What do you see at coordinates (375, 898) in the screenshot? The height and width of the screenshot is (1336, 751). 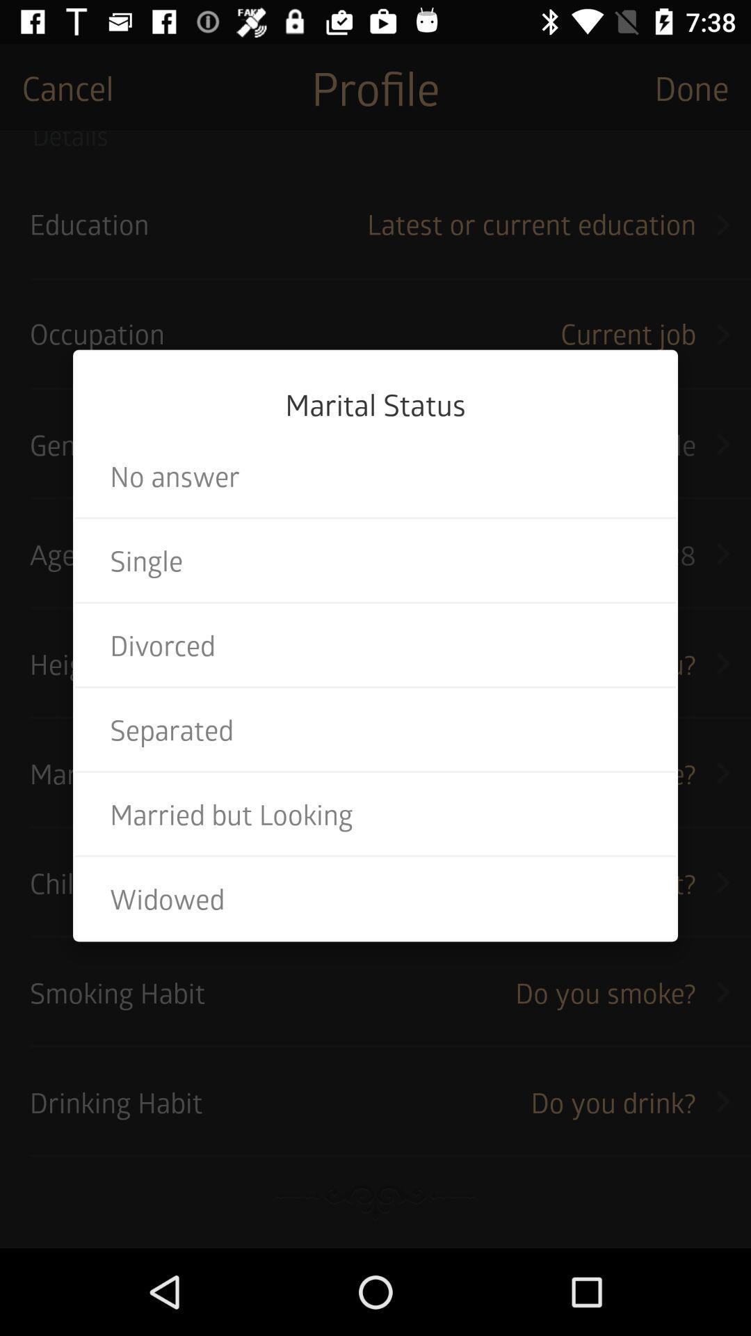 I see `the widowed item` at bounding box center [375, 898].